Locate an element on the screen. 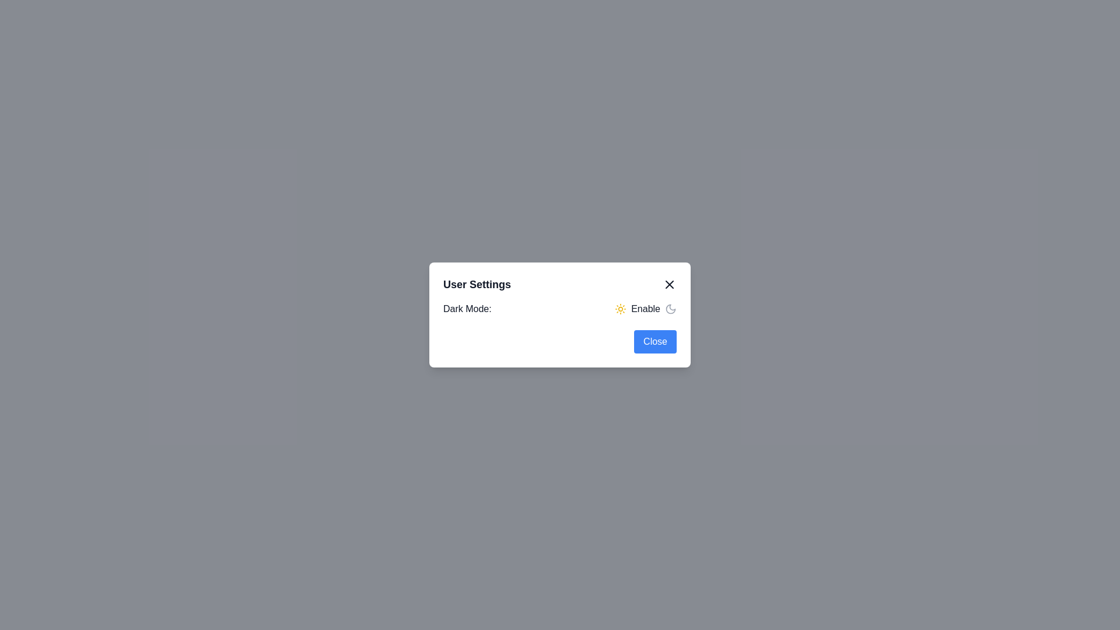 This screenshot has width=1120, height=630. the 'Enable' text label located is located at coordinates (645, 308).